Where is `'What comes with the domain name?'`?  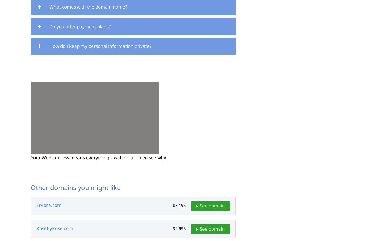
'What comes with the domain name?' is located at coordinates (88, 6).